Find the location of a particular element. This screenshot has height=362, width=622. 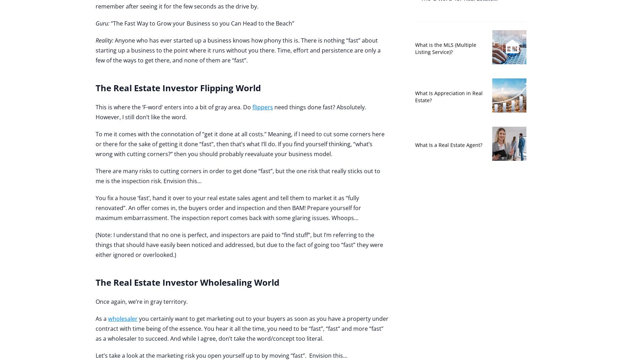

'What Is a Real Estate Agent?' is located at coordinates (448, 144).